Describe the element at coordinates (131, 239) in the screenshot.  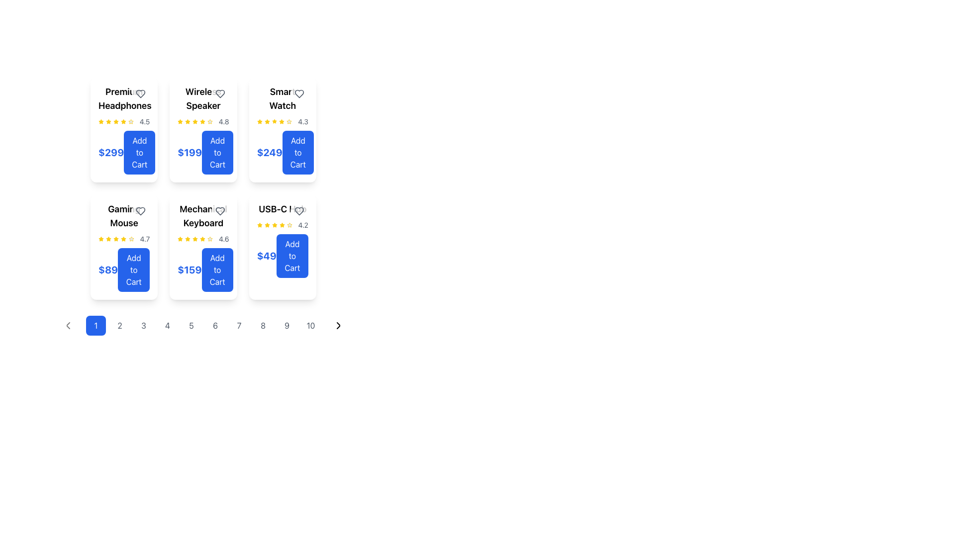
I see `the fourth yellow rating star icon in the rating section of the 'Gaming Mouse' product card to rate it` at that location.